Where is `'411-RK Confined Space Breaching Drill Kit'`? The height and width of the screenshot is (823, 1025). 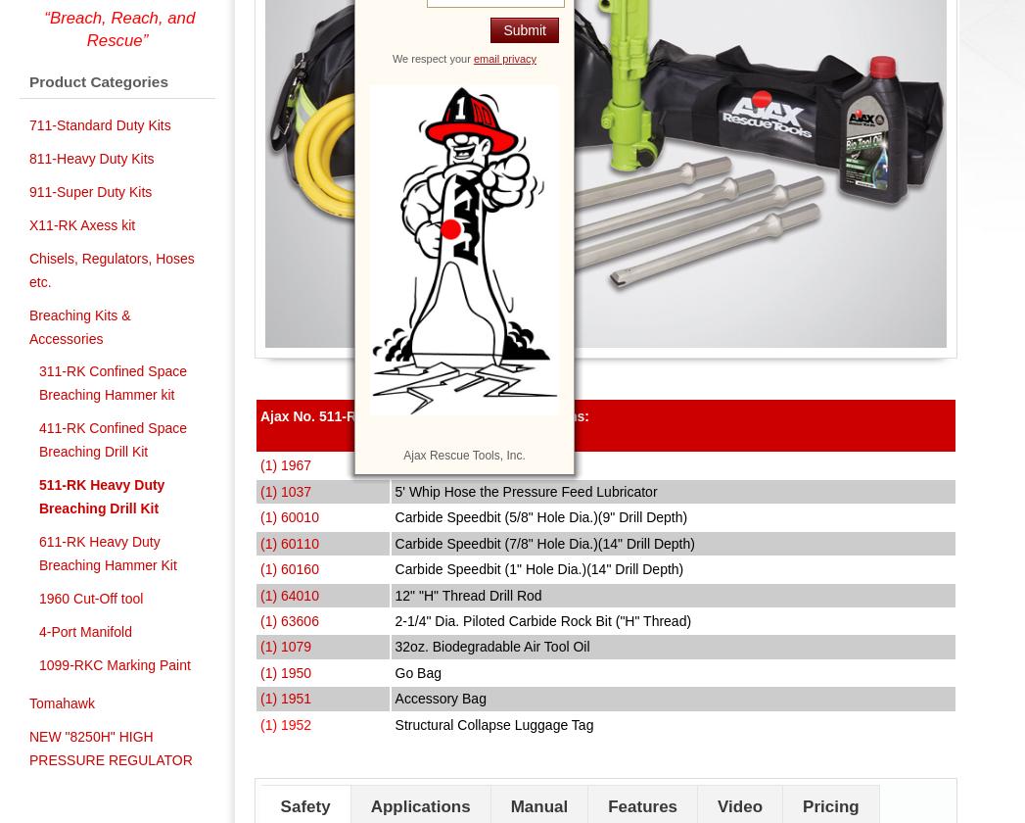 '411-RK Confined Space Breaching Drill Kit' is located at coordinates (112, 438).